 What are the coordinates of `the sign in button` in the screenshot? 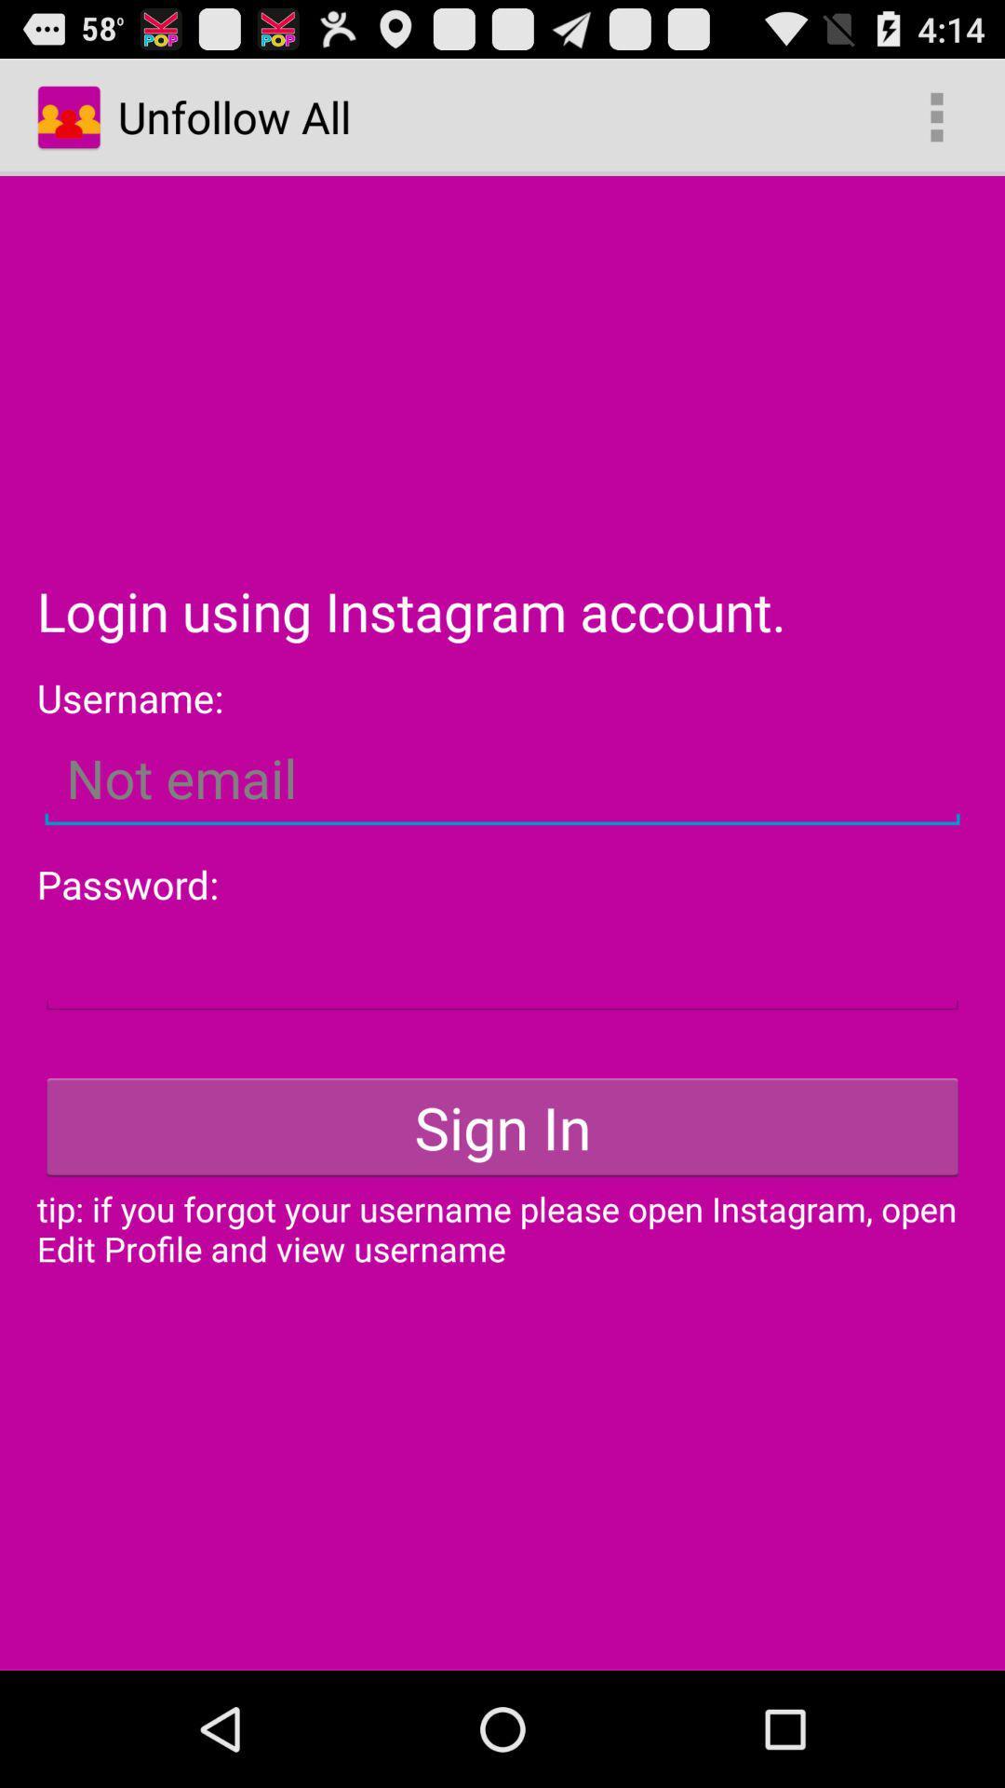 It's located at (502, 1126).